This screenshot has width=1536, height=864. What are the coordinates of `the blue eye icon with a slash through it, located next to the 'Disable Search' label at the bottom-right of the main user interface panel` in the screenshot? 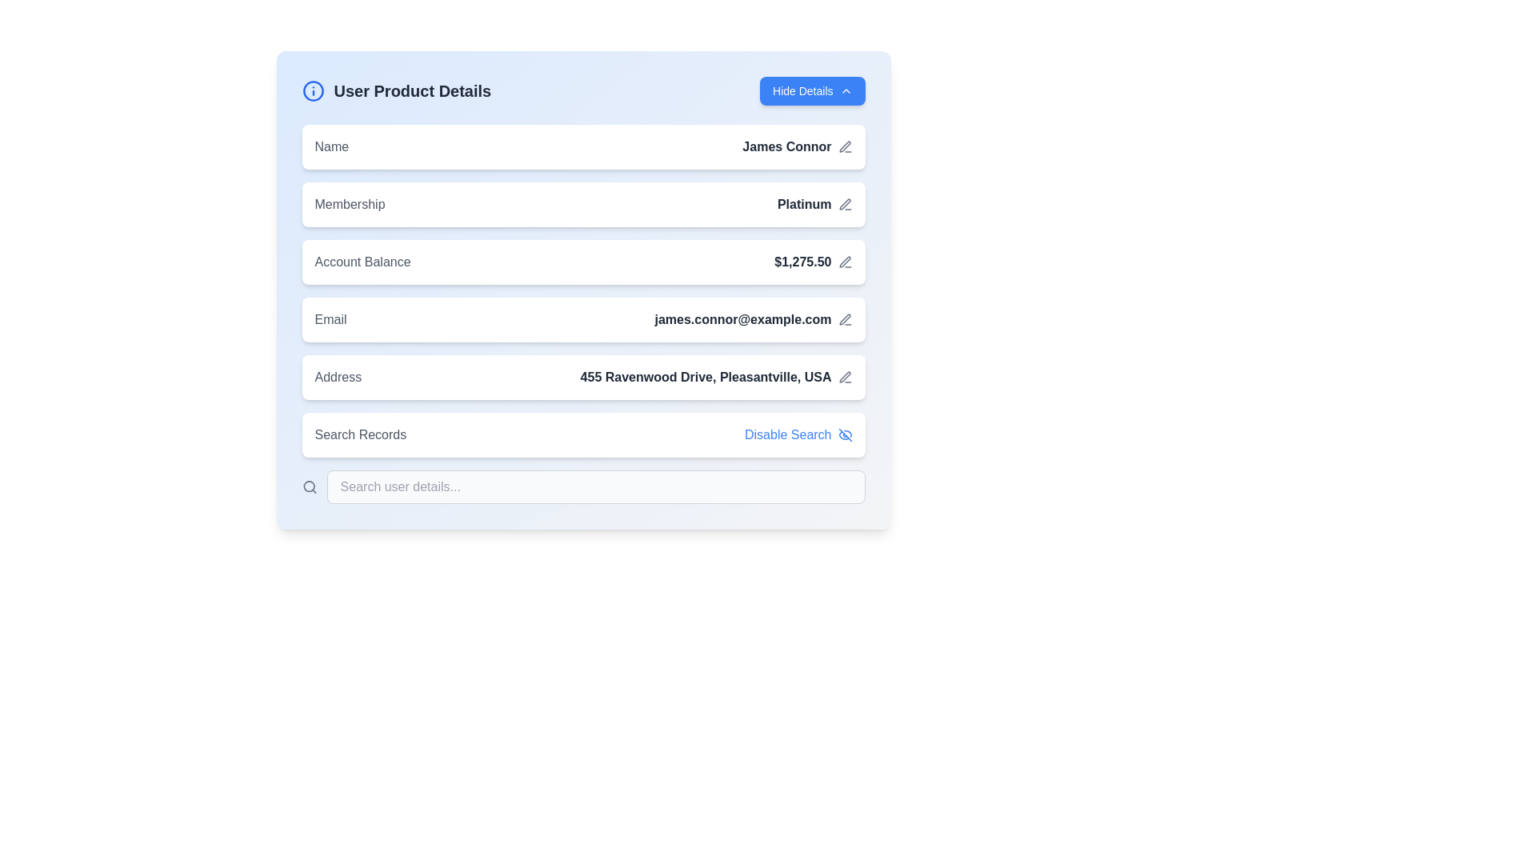 It's located at (844, 434).